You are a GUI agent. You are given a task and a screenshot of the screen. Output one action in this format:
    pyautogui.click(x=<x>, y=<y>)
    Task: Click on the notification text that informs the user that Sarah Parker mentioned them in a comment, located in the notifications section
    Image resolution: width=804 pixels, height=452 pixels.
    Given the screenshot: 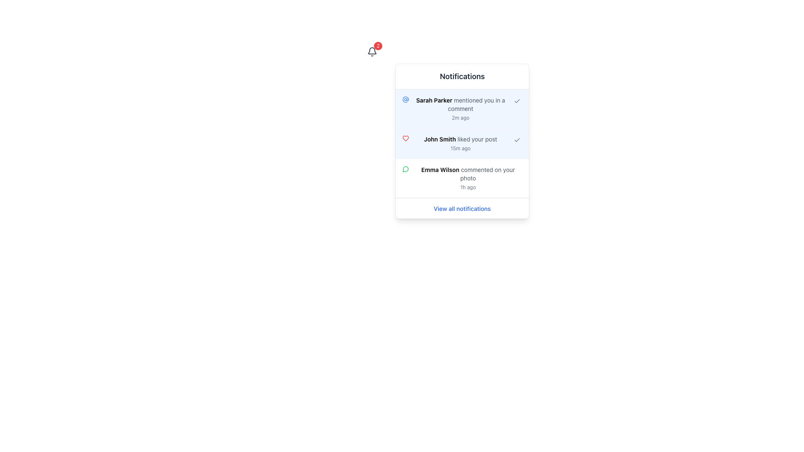 What is the action you would take?
    pyautogui.click(x=460, y=104)
    